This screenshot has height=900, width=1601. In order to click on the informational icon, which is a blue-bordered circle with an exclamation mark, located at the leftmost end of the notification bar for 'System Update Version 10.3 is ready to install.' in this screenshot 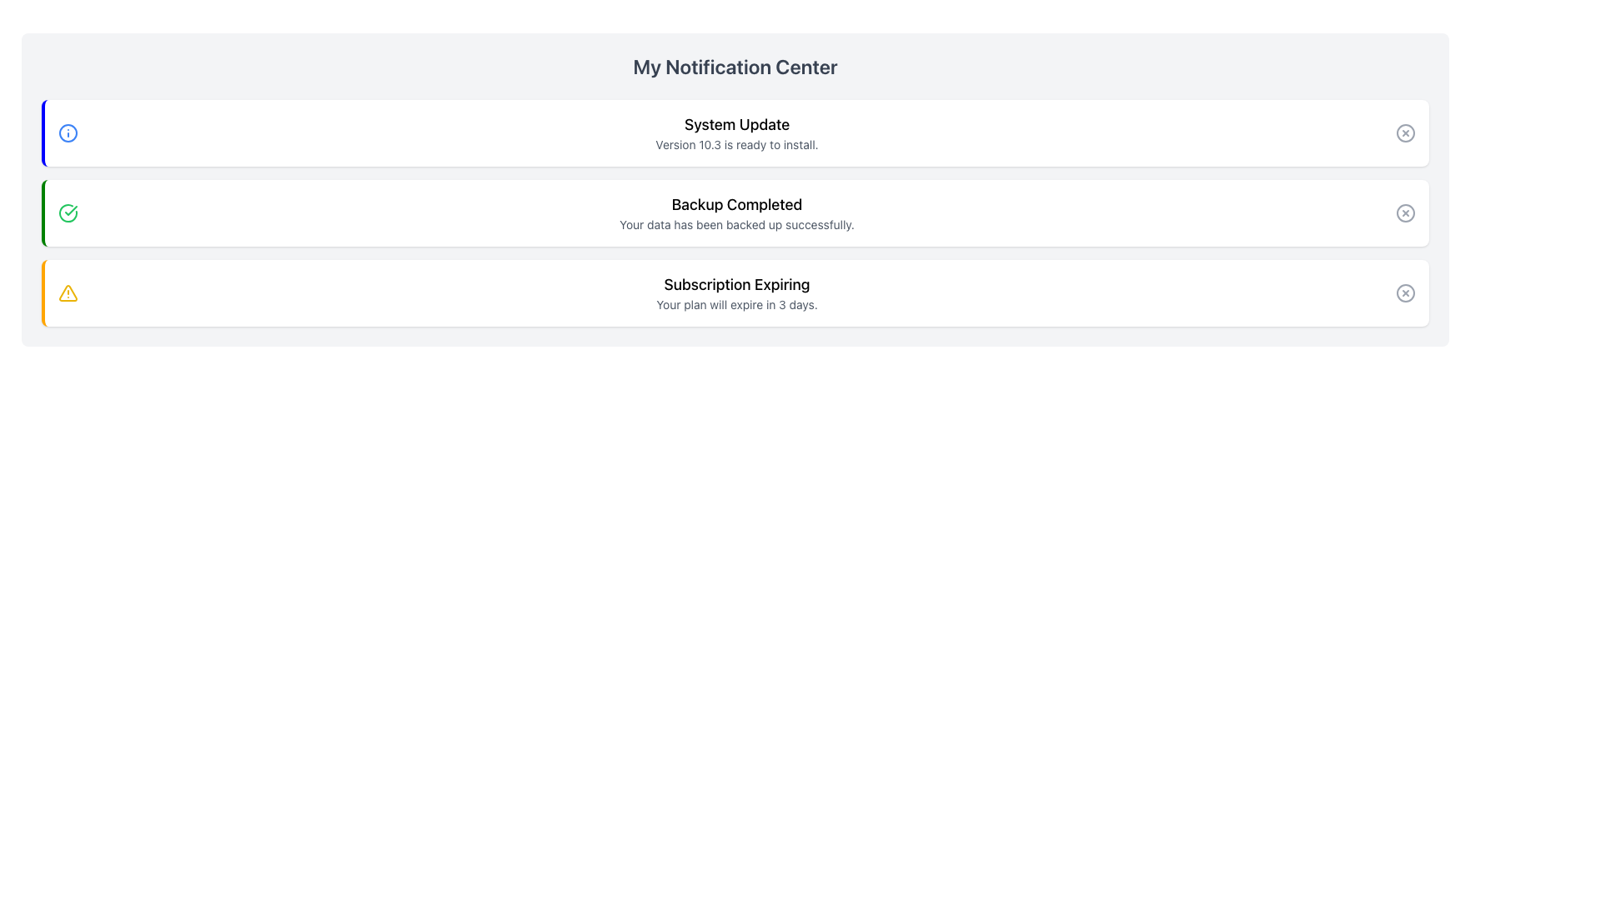, I will do `click(67, 132)`.